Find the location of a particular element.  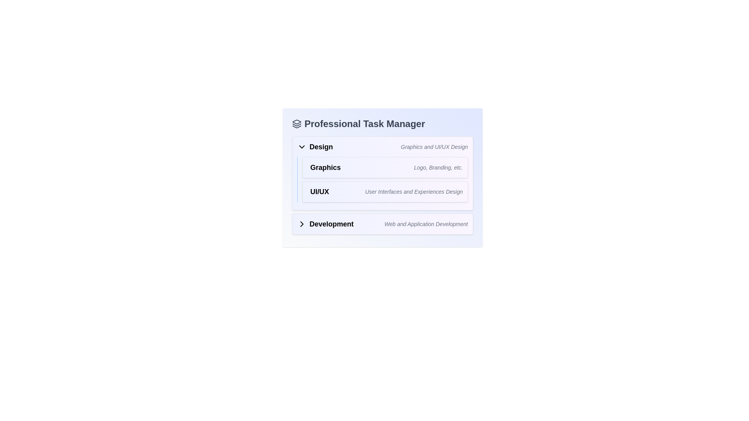

the bold text label displaying 'UI/UX', which indicates a section of the user interface is located at coordinates (318, 192).